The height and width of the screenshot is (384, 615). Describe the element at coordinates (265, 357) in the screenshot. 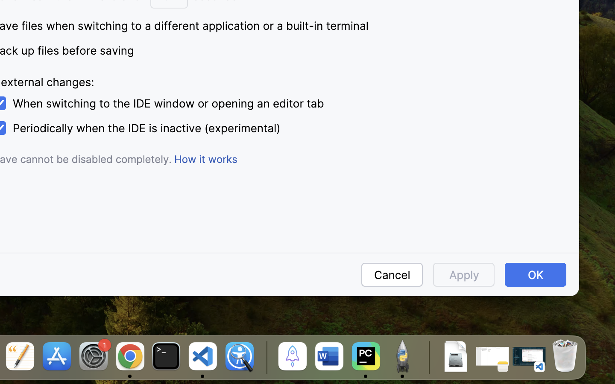

I see `'0.4285714328289032'` at that location.